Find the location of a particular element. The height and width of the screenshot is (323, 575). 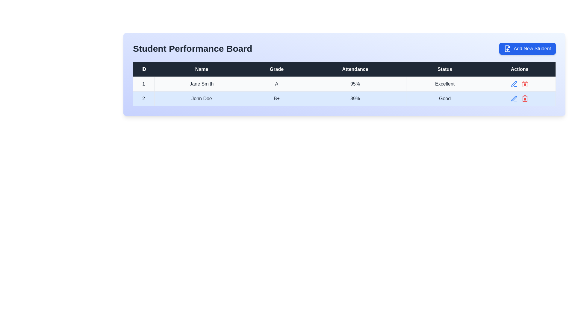

the text label displaying the evaluation status 'Excellent' in the fifth column of the first row of the 'Student Performance Board' table, which represents the 'Status' category is located at coordinates (445, 84).